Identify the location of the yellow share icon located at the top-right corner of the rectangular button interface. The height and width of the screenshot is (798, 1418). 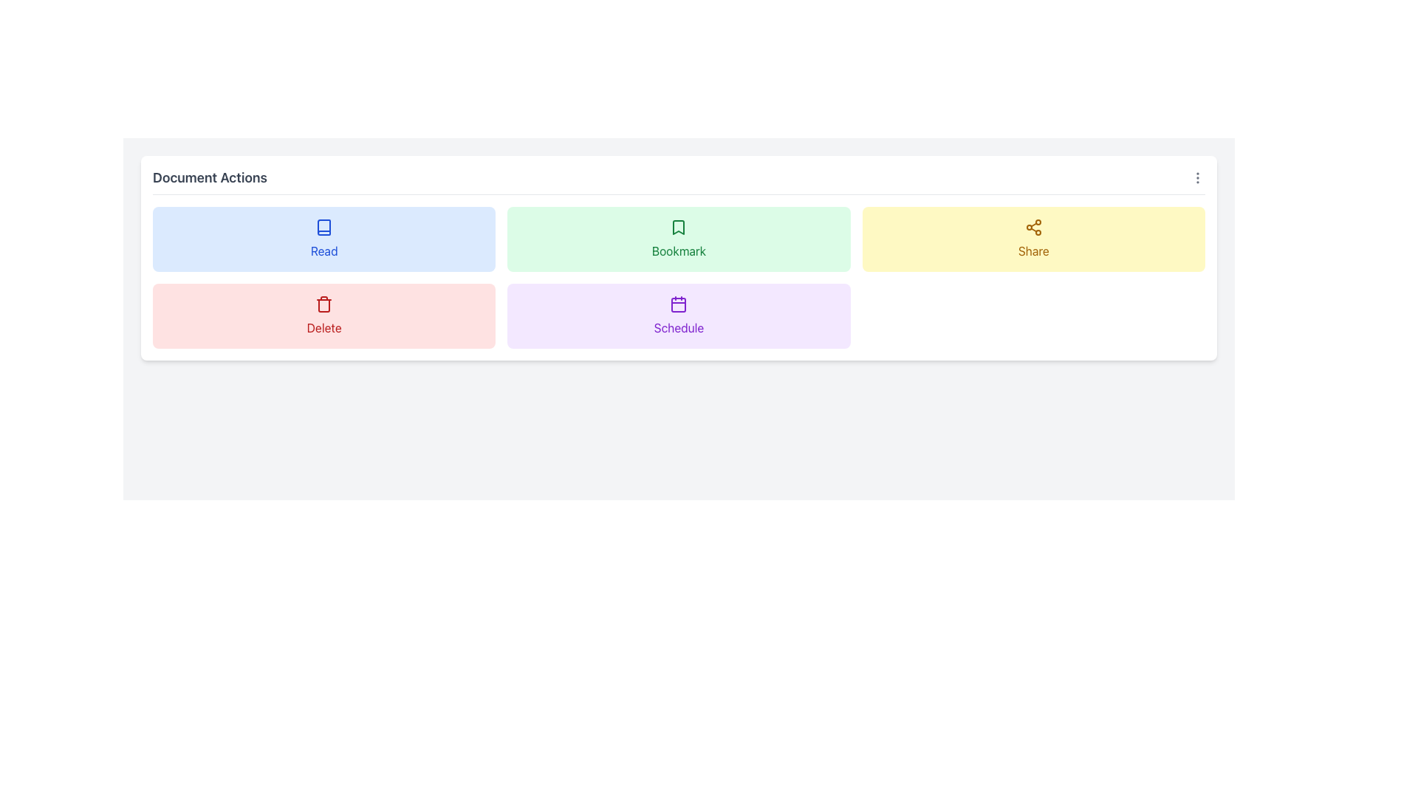
(1032, 228).